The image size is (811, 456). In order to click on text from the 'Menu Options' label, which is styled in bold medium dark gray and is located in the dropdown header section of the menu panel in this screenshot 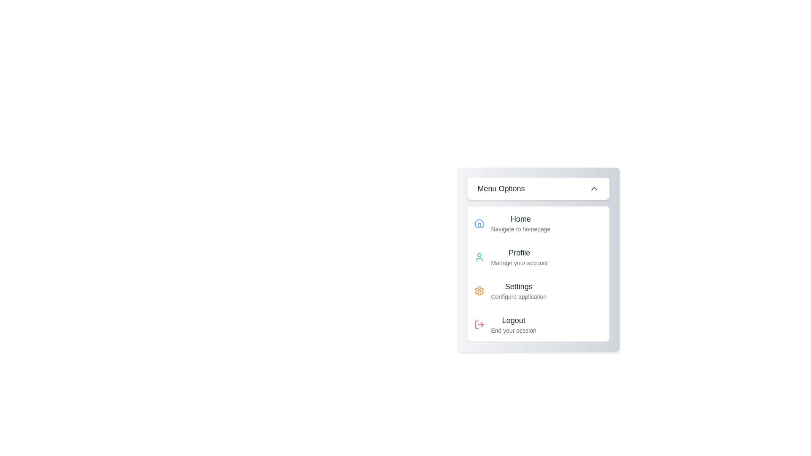, I will do `click(501, 188)`.